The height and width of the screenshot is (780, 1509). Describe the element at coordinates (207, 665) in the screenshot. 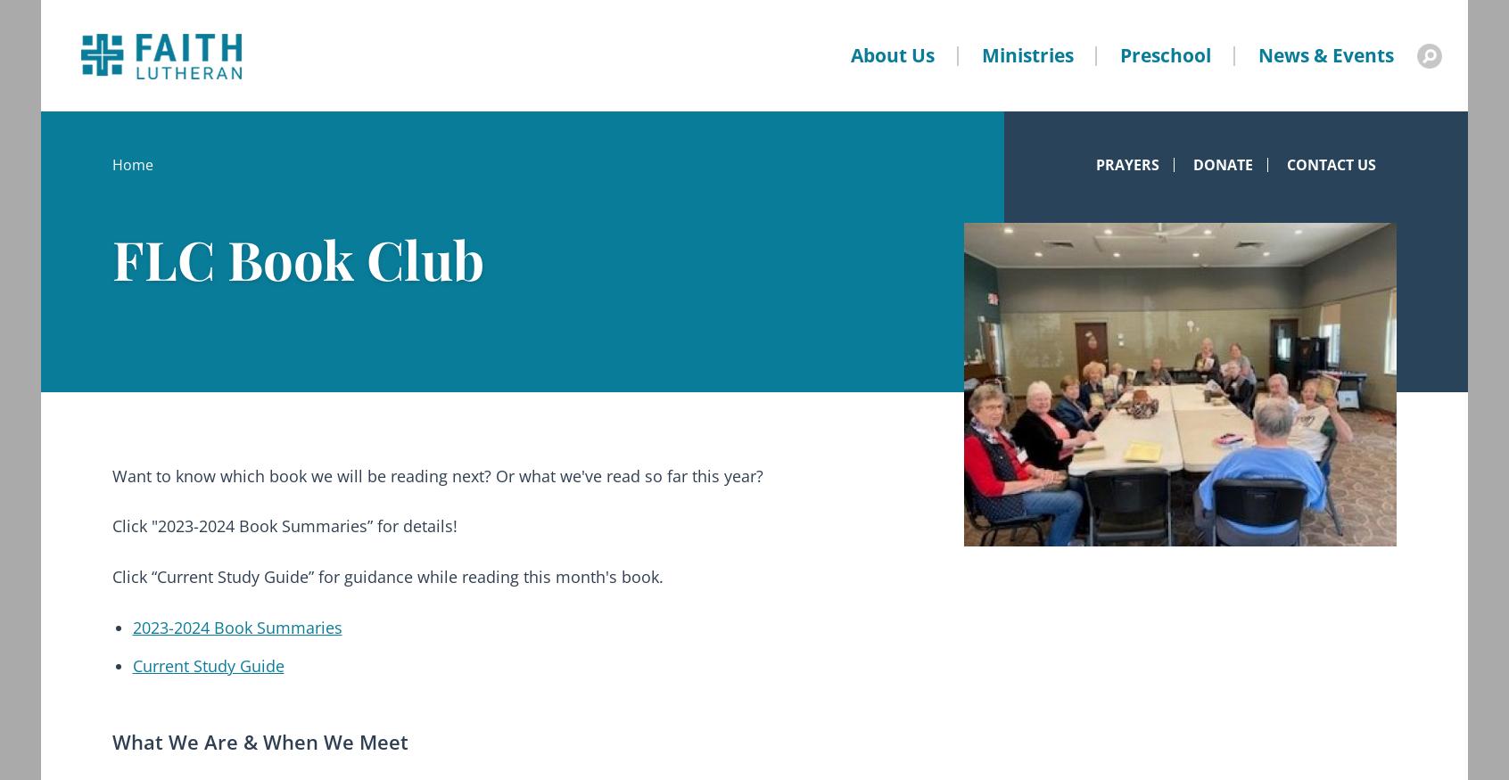

I see `'Current Study Guide'` at that location.